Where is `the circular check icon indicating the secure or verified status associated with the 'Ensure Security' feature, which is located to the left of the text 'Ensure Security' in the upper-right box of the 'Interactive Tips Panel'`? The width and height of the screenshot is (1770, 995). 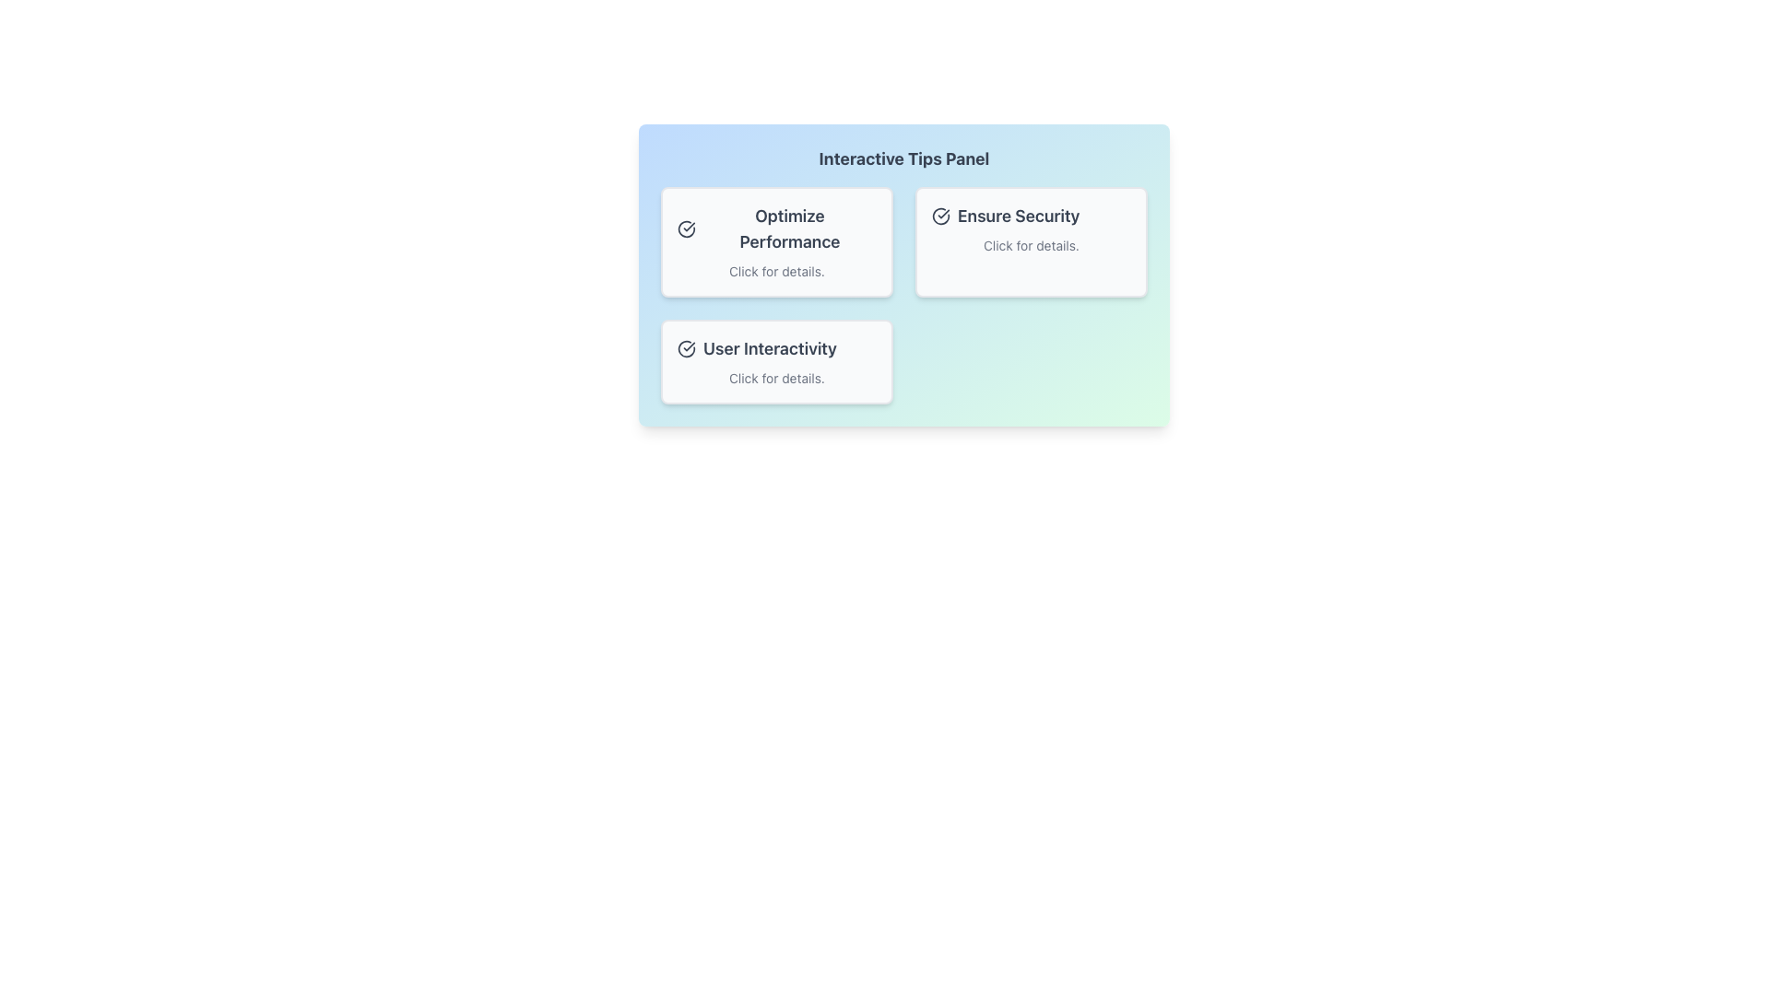
the circular check icon indicating the secure or verified status associated with the 'Ensure Security' feature, which is located to the left of the text 'Ensure Security' in the upper-right box of the 'Interactive Tips Panel' is located at coordinates (941, 216).